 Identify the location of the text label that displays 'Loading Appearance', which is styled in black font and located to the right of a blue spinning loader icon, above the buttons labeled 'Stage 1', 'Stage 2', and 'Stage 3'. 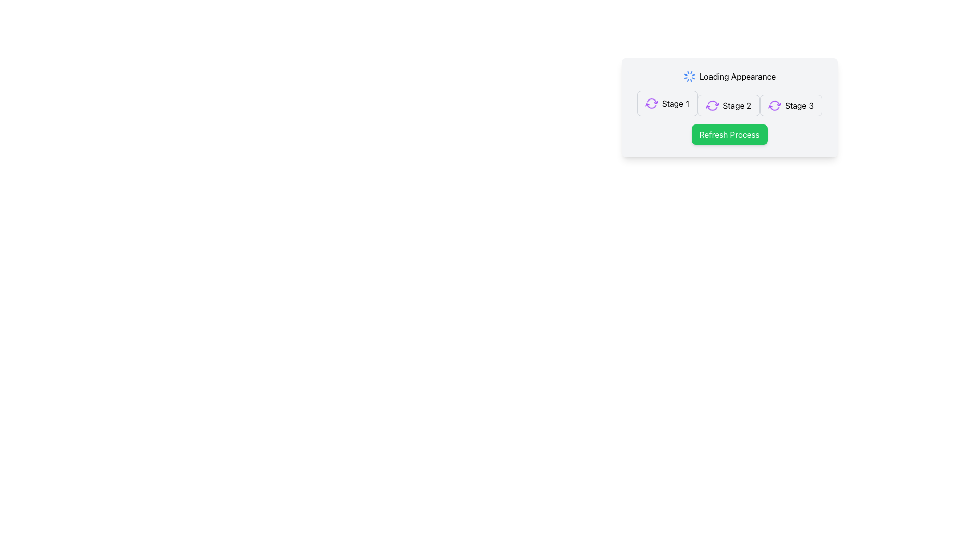
(738, 76).